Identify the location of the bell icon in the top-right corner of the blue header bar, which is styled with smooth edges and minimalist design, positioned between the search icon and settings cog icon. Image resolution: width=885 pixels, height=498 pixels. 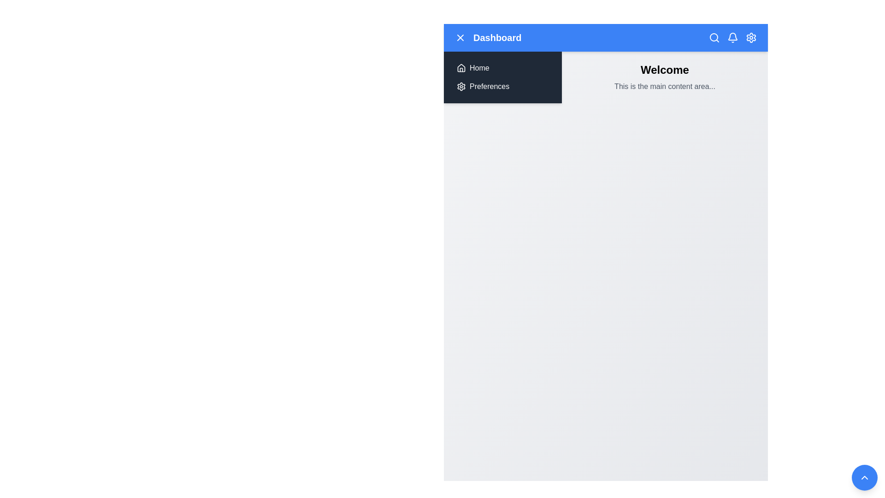
(732, 36).